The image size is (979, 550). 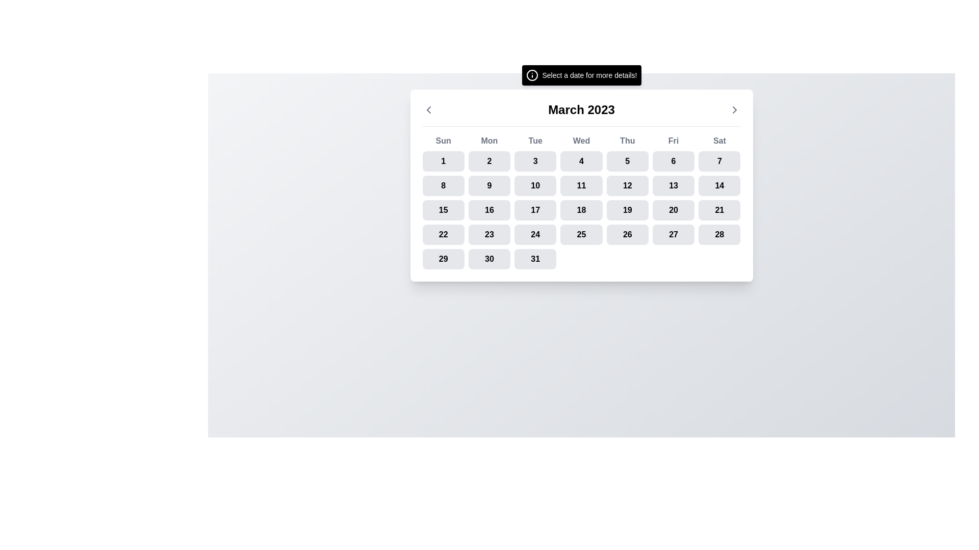 I want to click on the button representing the specific day in the calendar view located in the third row, third column under the header 'Wed', so click(x=535, y=186).